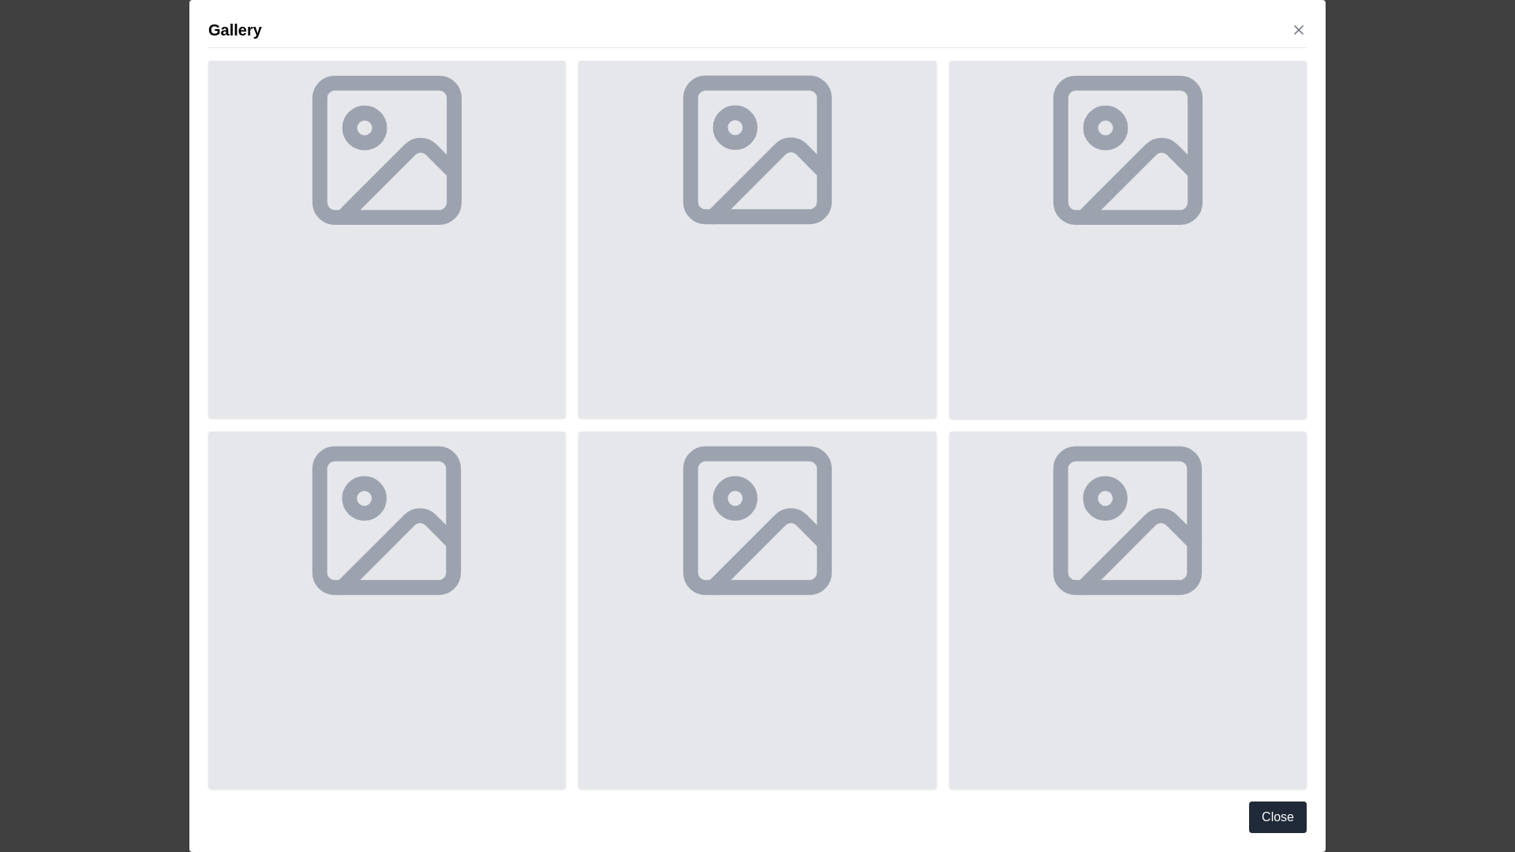 Image resolution: width=1515 pixels, height=852 pixels. I want to click on the second element in the second row of a 3x2 grid layout, which is an image placeholder (SVG Icon) surrounded by similar icons, so click(387, 520).